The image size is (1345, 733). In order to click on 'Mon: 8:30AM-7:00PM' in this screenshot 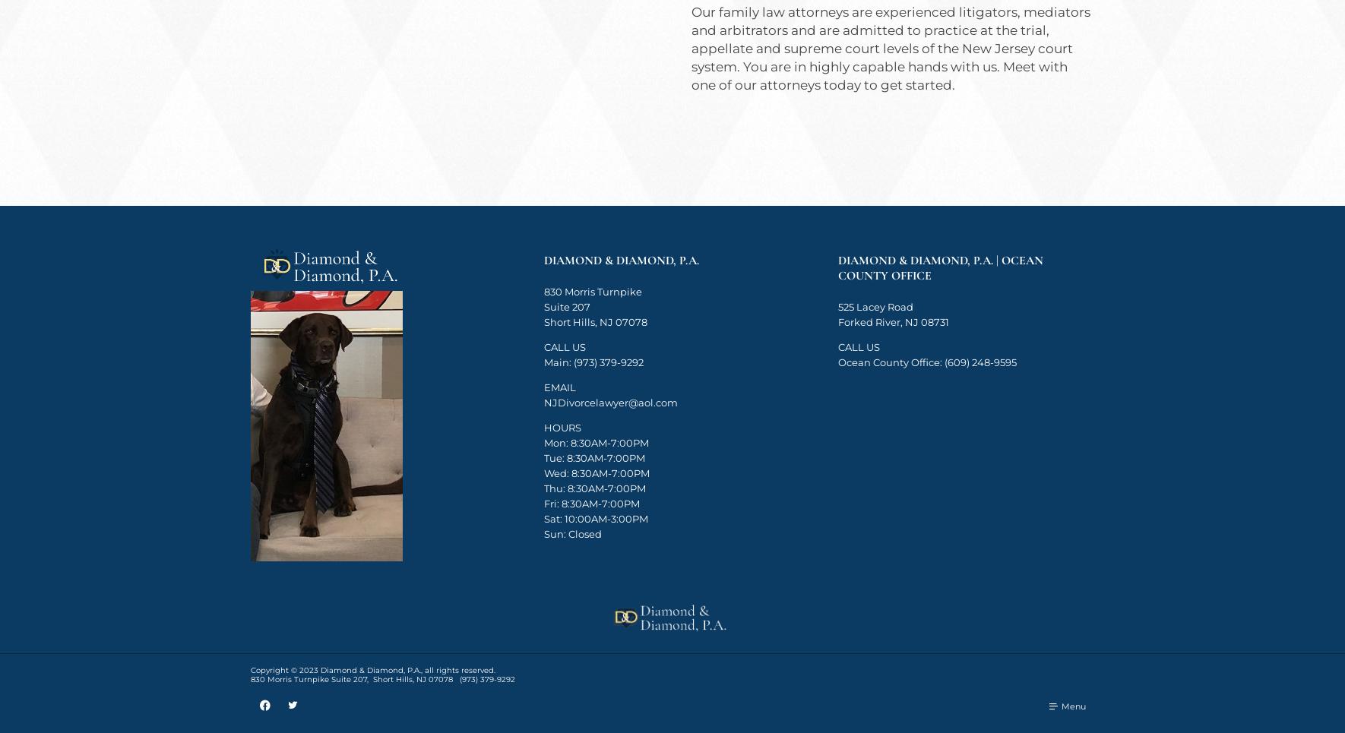, I will do `click(596, 441)`.